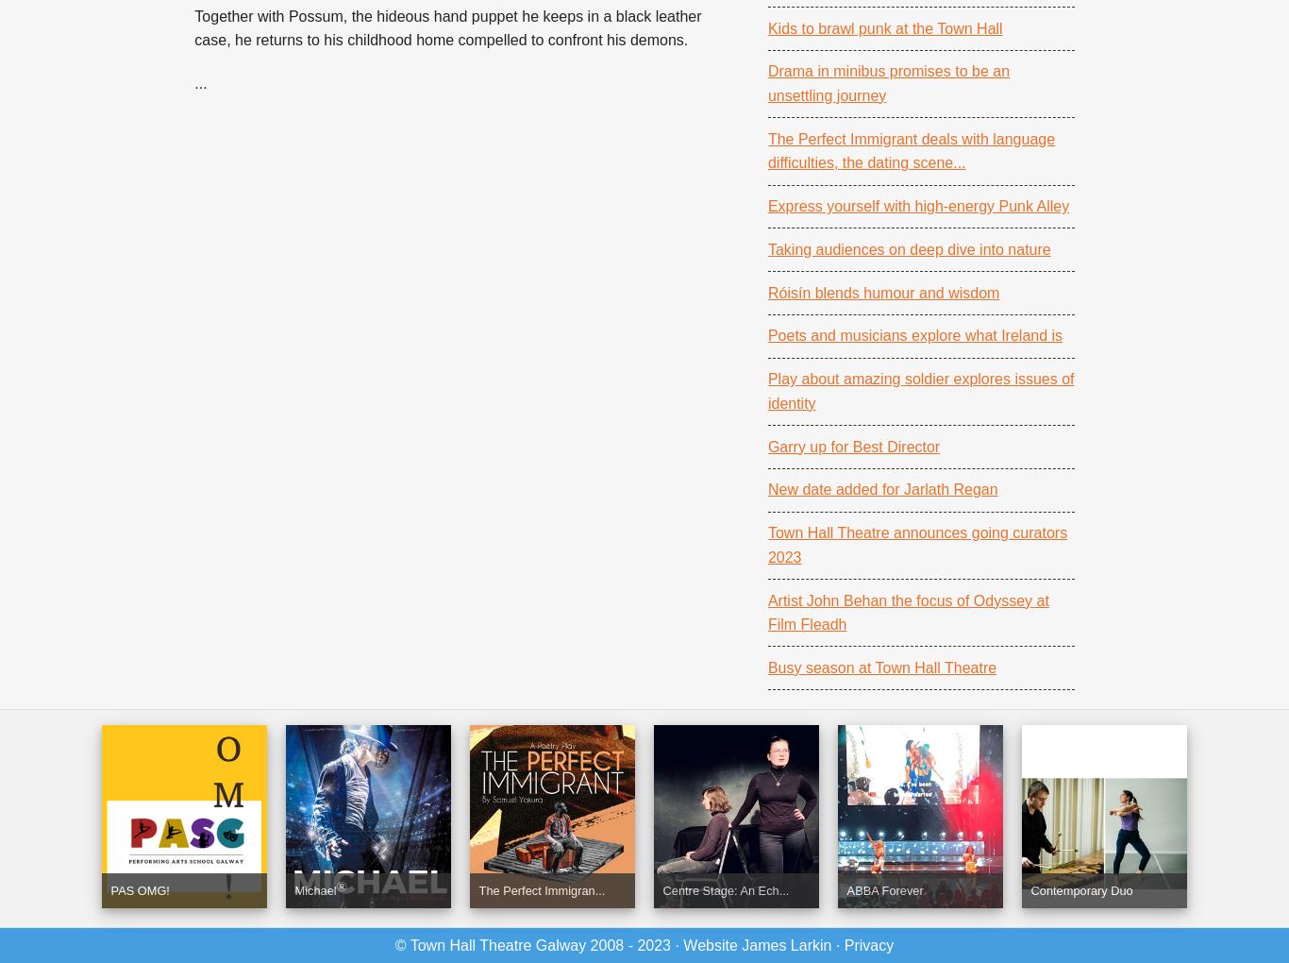 The width and height of the screenshot is (1289, 963). What do you see at coordinates (314, 889) in the screenshot?
I see `'Michael'` at bounding box center [314, 889].